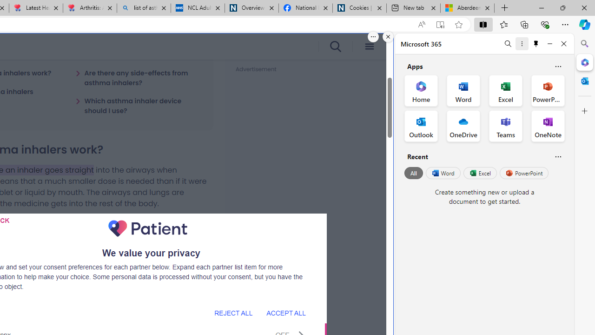 The height and width of the screenshot is (335, 595). What do you see at coordinates (536, 43) in the screenshot?
I see `'Unpin side pane'` at bounding box center [536, 43].